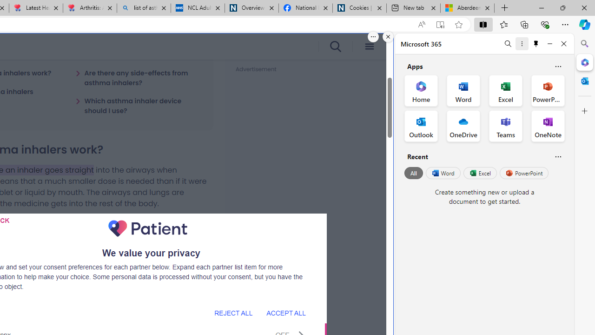 The height and width of the screenshot is (335, 595). What do you see at coordinates (536, 43) in the screenshot?
I see `'Unpin side pane'` at bounding box center [536, 43].